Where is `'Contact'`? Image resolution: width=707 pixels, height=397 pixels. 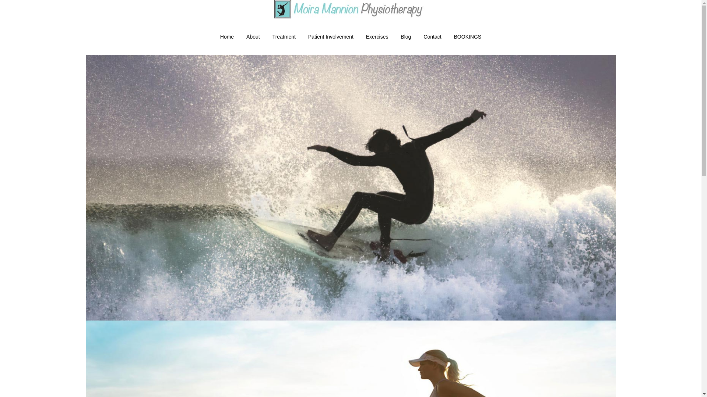 'Contact' is located at coordinates (432, 37).